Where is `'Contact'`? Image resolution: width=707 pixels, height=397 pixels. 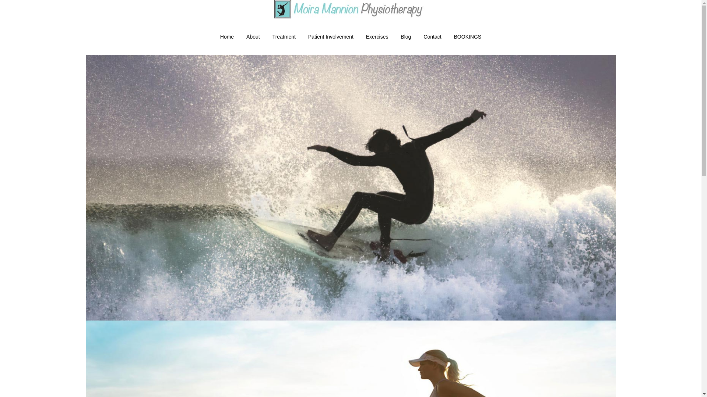 'Contact' is located at coordinates (432, 37).